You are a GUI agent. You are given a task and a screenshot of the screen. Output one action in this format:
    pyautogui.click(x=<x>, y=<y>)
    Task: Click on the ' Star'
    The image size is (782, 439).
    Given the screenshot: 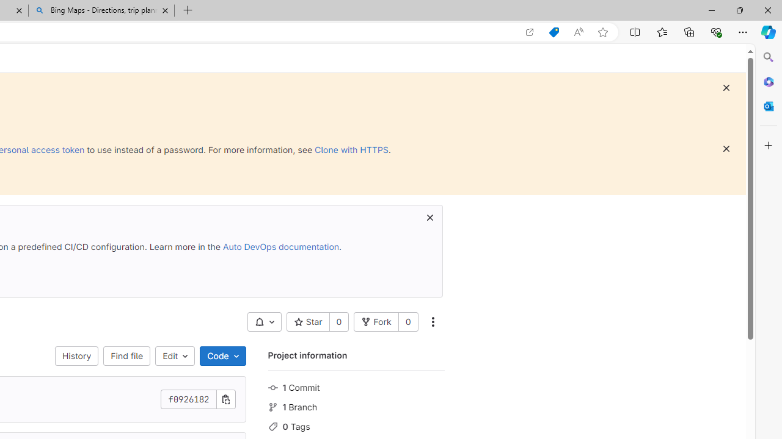 What is the action you would take?
    pyautogui.click(x=308, y=321)
    